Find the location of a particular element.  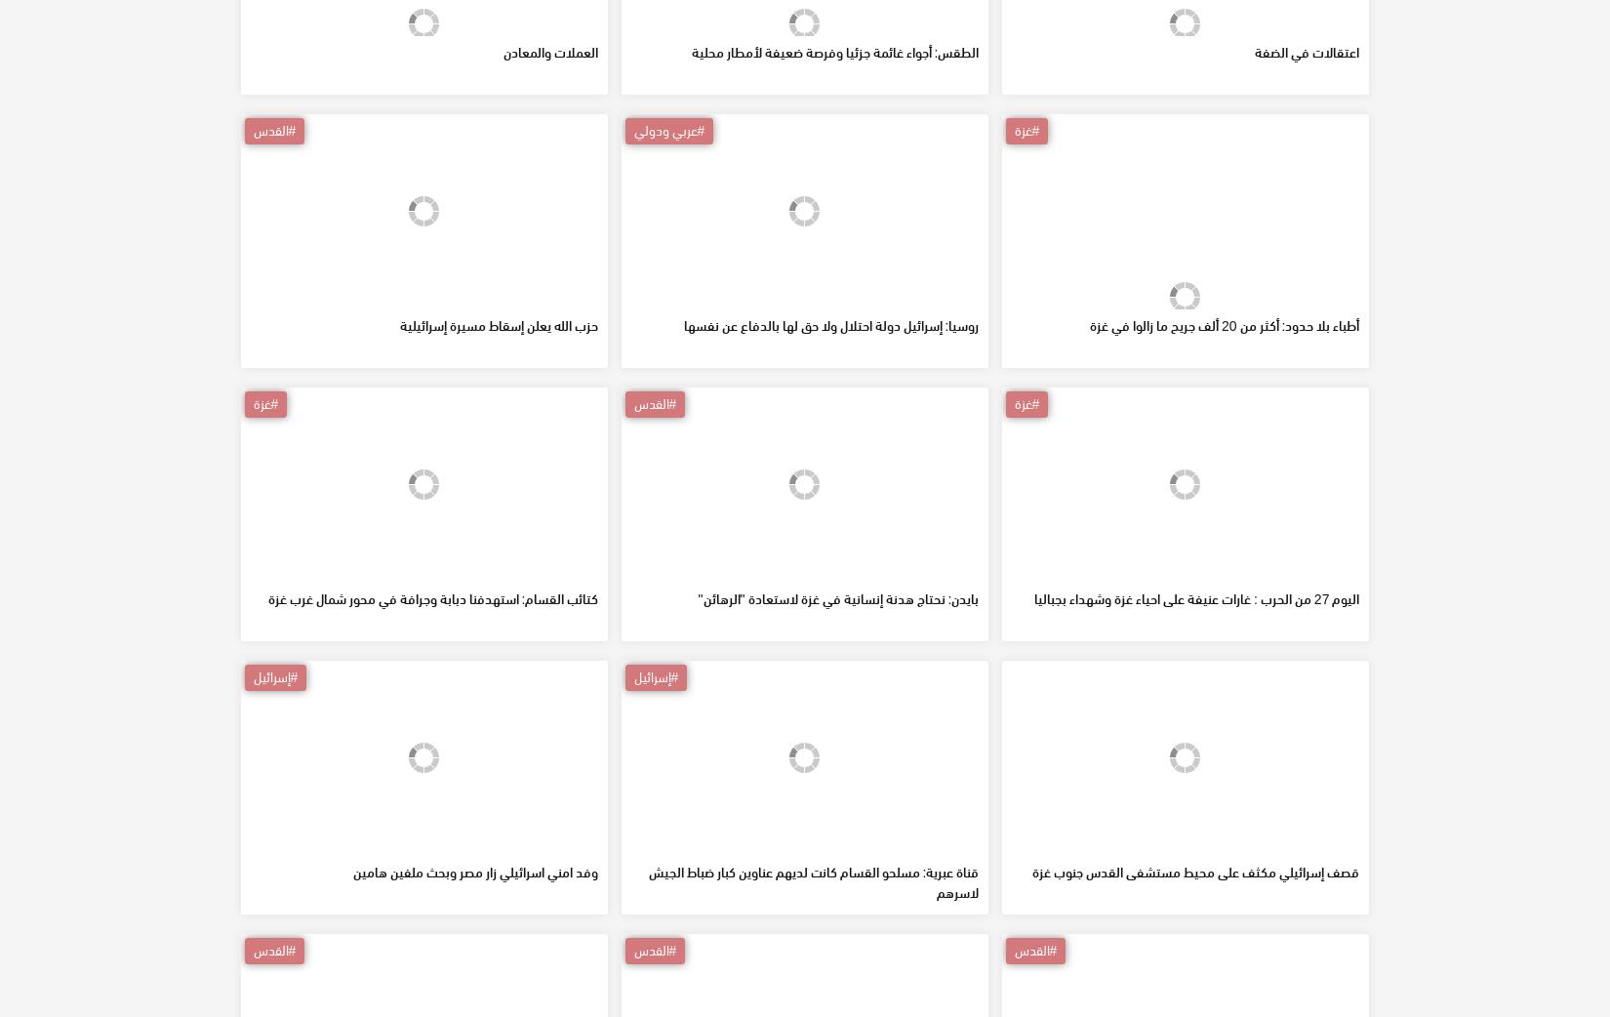

'روسيا: إسرائيل دولة احتلال ولا حق لها بالدفاع عن نفسها' is located at coordinates (830, 466).